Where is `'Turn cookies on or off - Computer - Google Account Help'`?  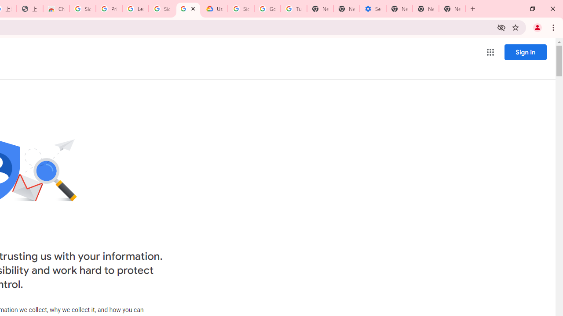 'Turn cookies on or off - Computer - Google Account Help' is located at coordinates (293, 9).